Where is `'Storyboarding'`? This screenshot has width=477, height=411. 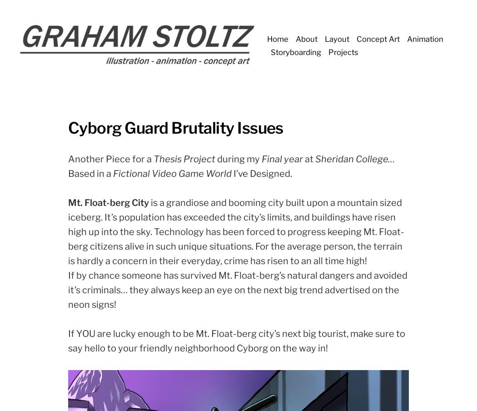
'Storyboarding' is located at coordinates (295, 51).